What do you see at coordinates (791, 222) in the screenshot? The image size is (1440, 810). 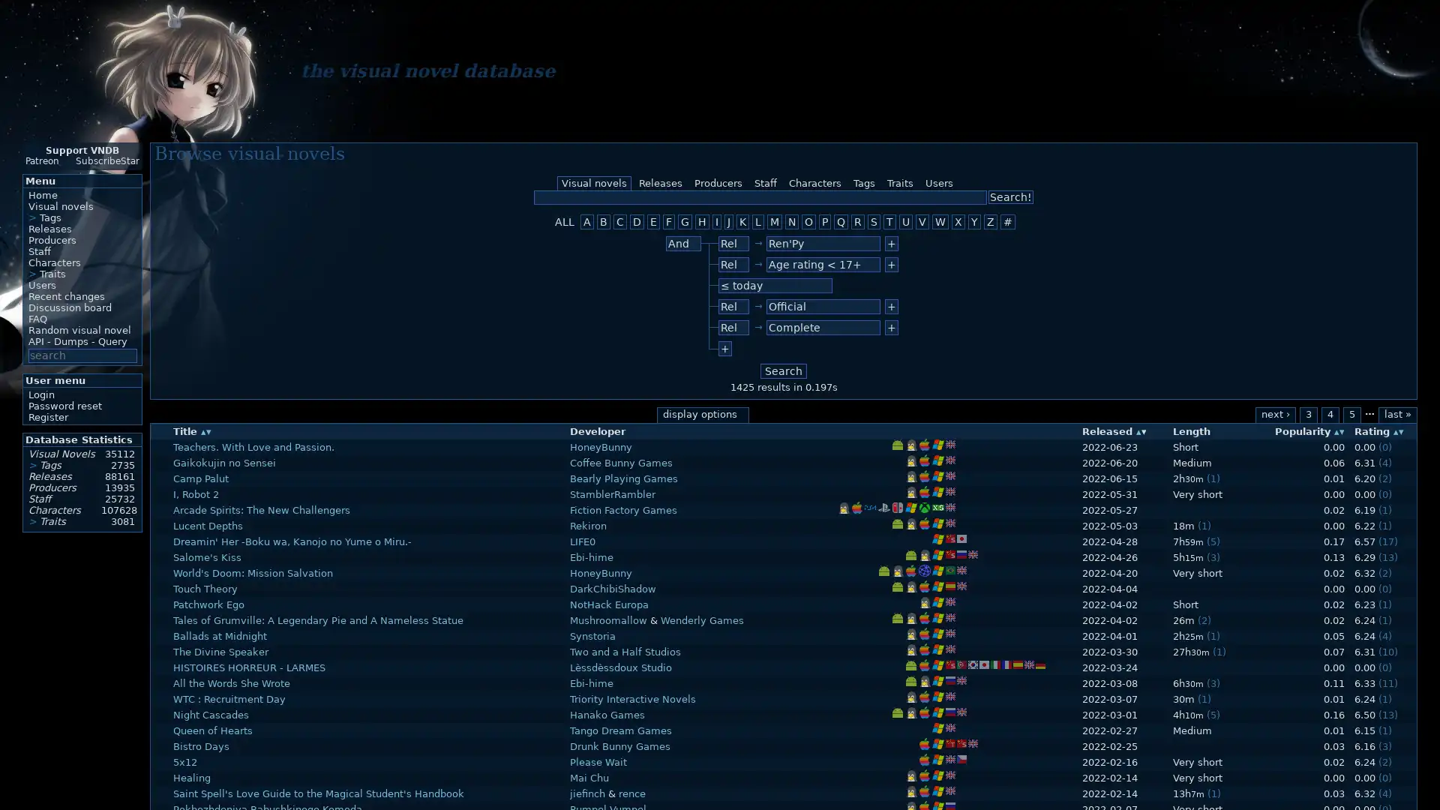 I see `N` at bounding box center [791, 222].